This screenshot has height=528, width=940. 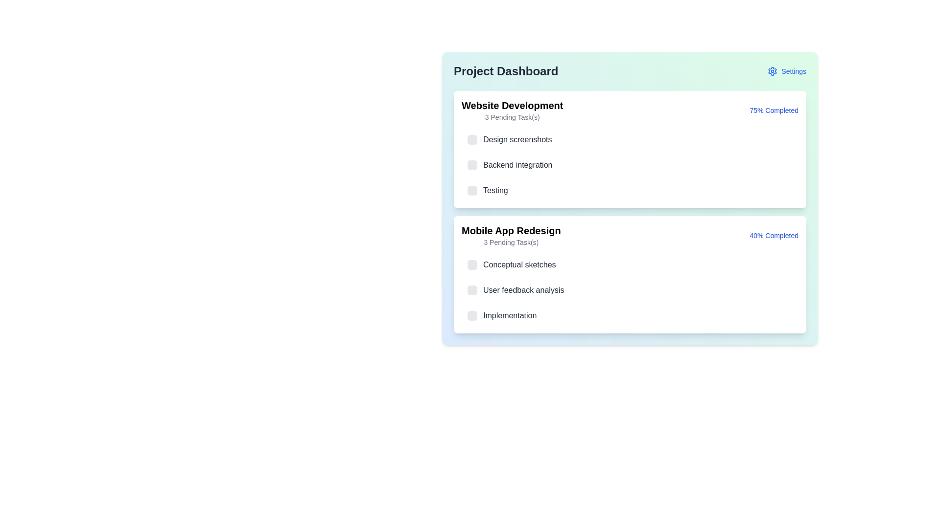 I want to click on the small square checkbox with rounded corners and a gray background located to the left of the text 'Implementation' in the 'Mobile App Redesign' section, so click(x=472, y=315).